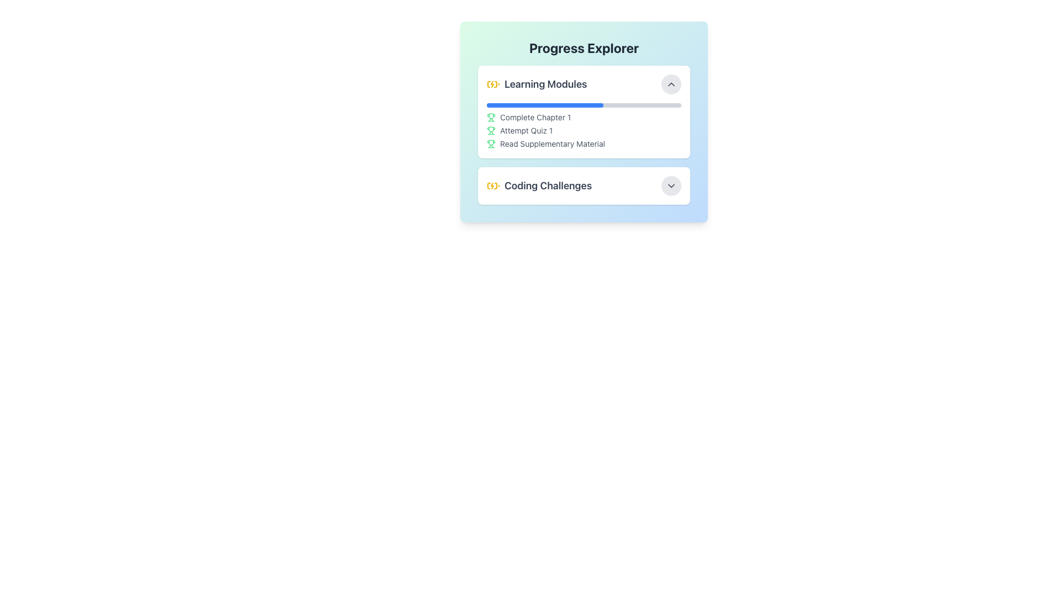 This screenshot has height=596, width=1061. I want to click on the informational label element that indicates a step or resource in a learning module, located as the third item under the 'Learning Modules' section, so click(583, 143).